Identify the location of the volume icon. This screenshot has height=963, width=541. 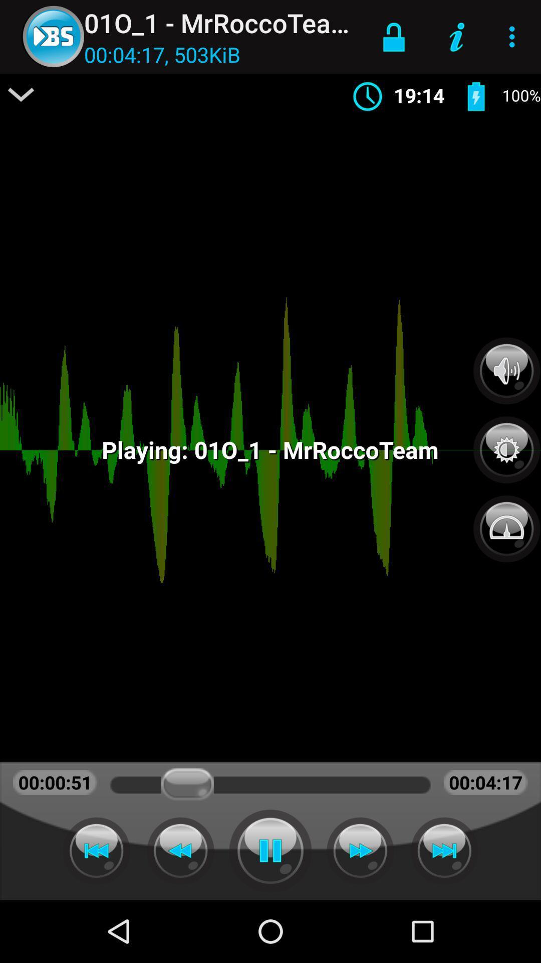
(506, 370).